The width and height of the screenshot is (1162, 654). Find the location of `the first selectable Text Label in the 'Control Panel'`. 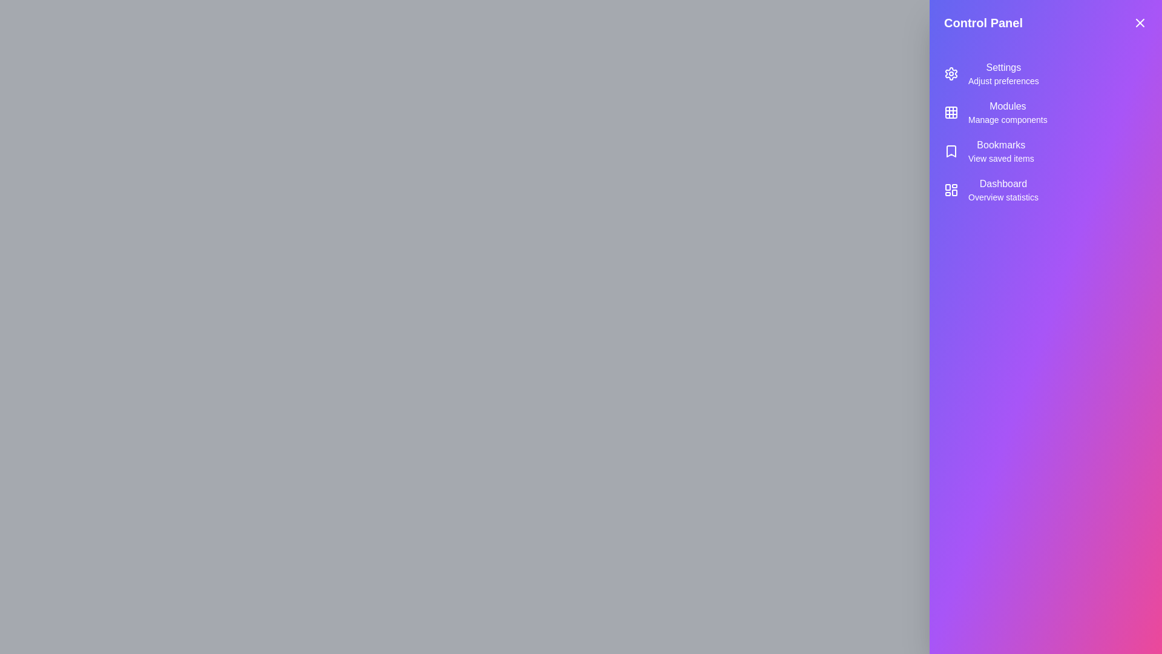

the first selectable Text Label in the 'Control Panel' is located at coordinates (1003, 74).